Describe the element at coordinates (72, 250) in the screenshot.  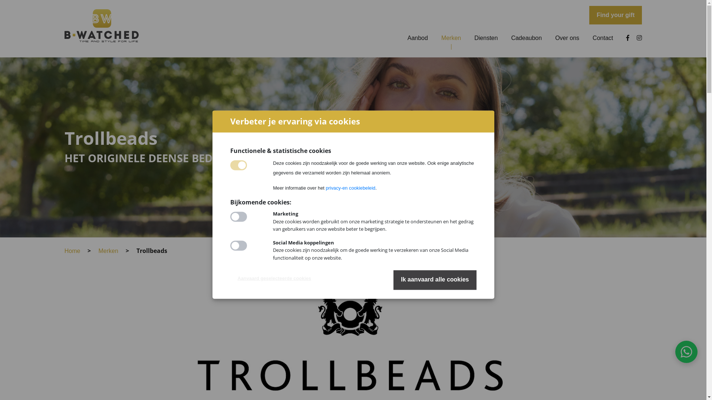
I see `'Home'` at that location.